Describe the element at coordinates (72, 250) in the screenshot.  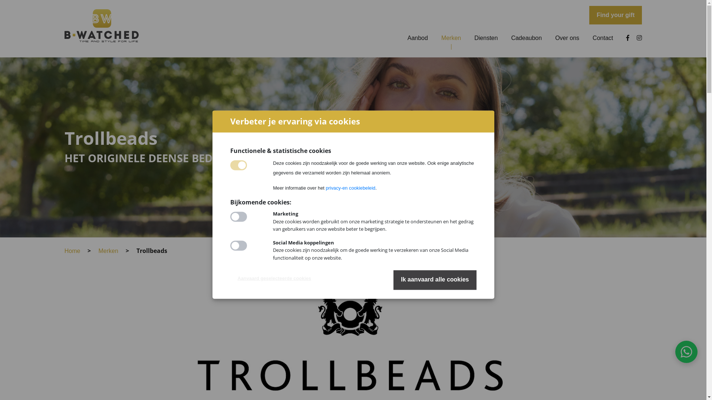
I see `'Home'` at that location.